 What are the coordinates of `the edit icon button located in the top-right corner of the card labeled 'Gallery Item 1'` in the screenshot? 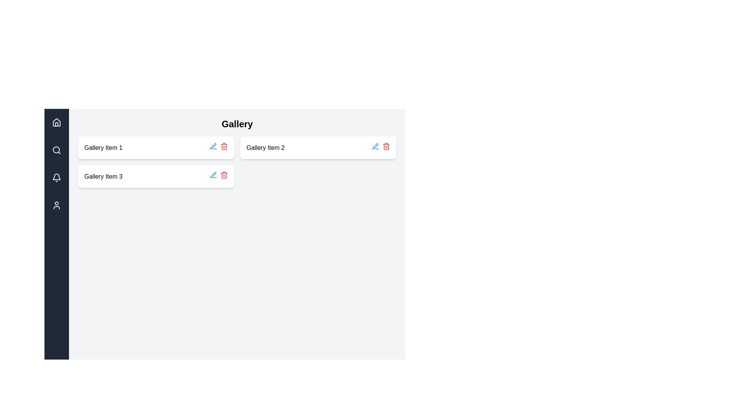 It's located at (213, 175).